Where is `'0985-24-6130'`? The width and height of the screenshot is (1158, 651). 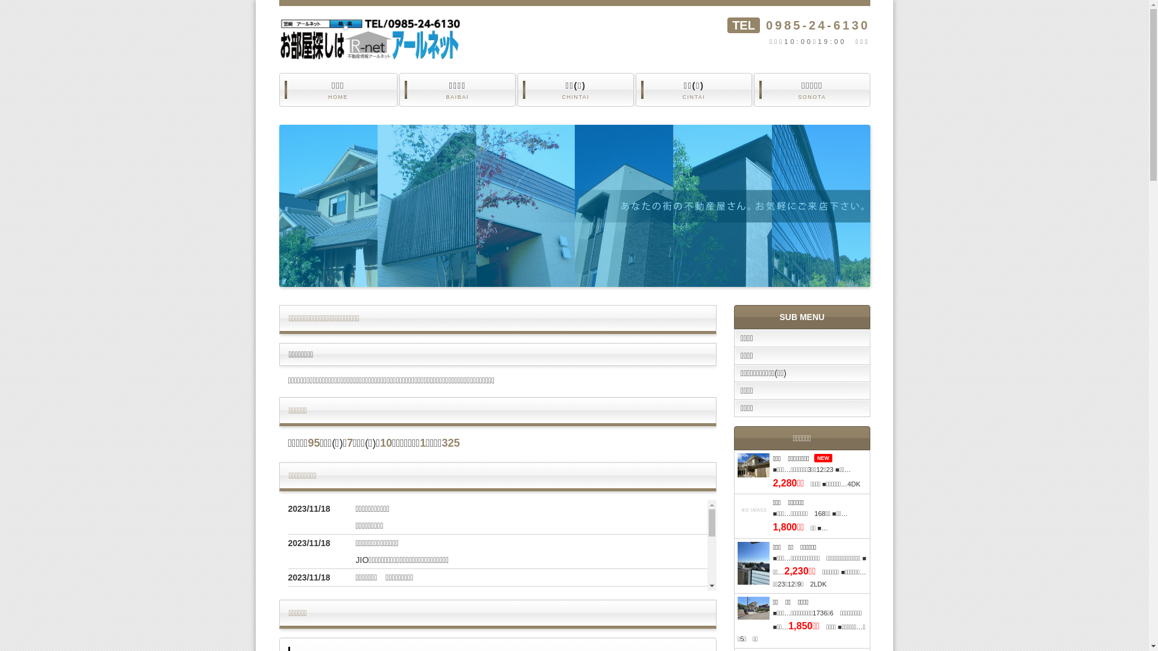
'0985-24-6130' is located at coordinates (765, 25).